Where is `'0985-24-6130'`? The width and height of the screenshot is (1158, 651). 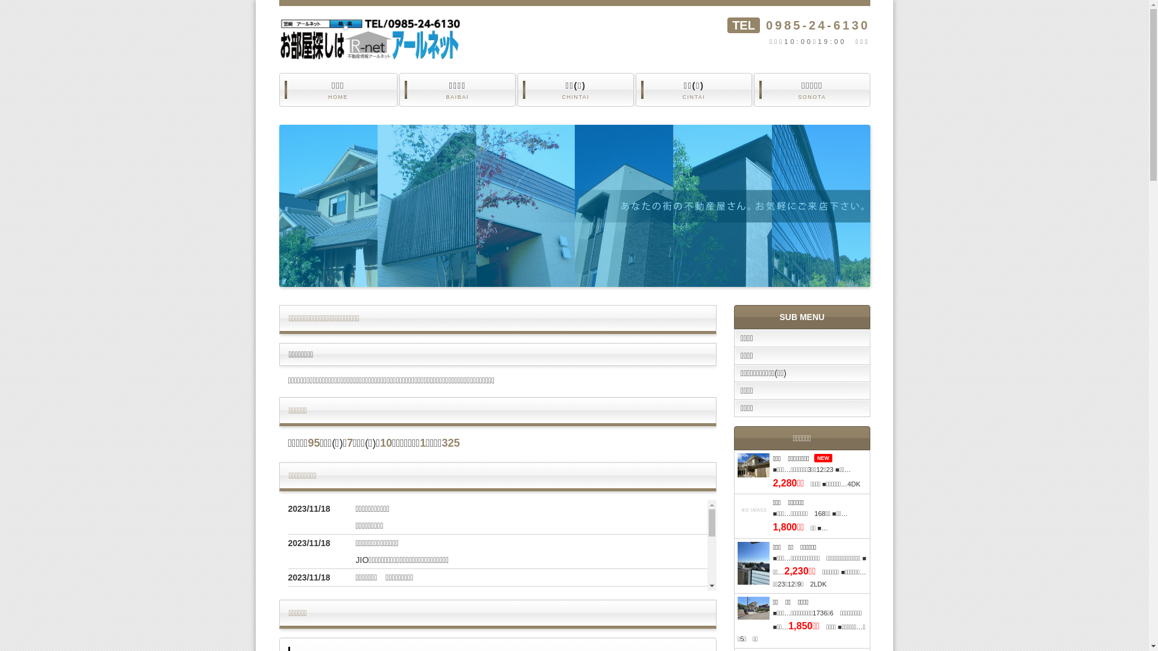
'0985-24-6130' is located at coordinates (765, 25).